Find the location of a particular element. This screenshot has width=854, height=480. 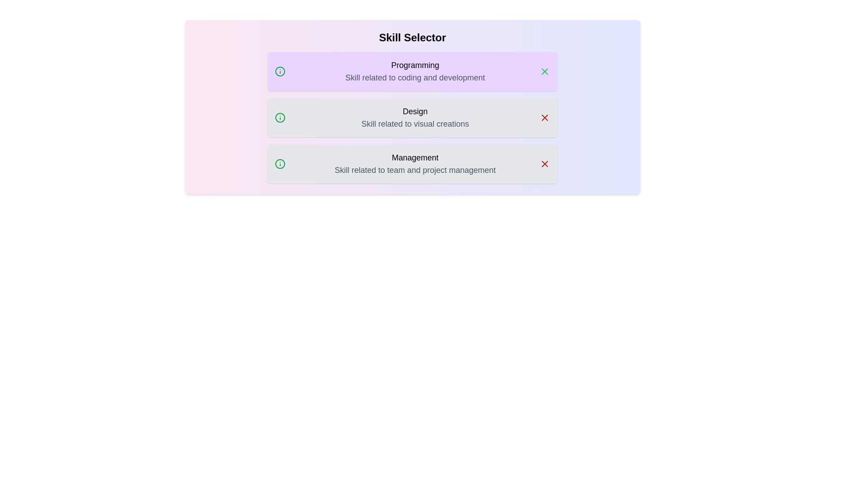

the skill Design is located at coordinates (412, 117).